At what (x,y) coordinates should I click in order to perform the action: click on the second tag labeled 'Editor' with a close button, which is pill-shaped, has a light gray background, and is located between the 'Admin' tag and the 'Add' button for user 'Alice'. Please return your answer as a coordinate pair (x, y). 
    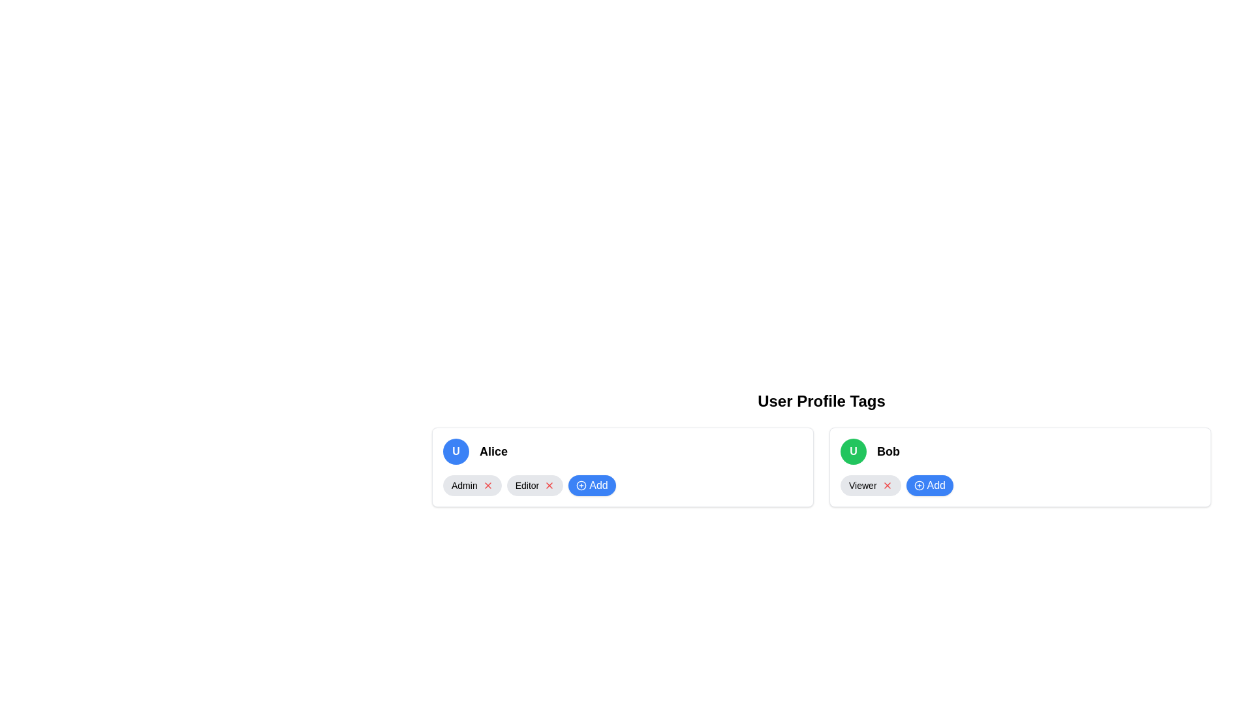
    Looking at the image, I should click on (535, 486).